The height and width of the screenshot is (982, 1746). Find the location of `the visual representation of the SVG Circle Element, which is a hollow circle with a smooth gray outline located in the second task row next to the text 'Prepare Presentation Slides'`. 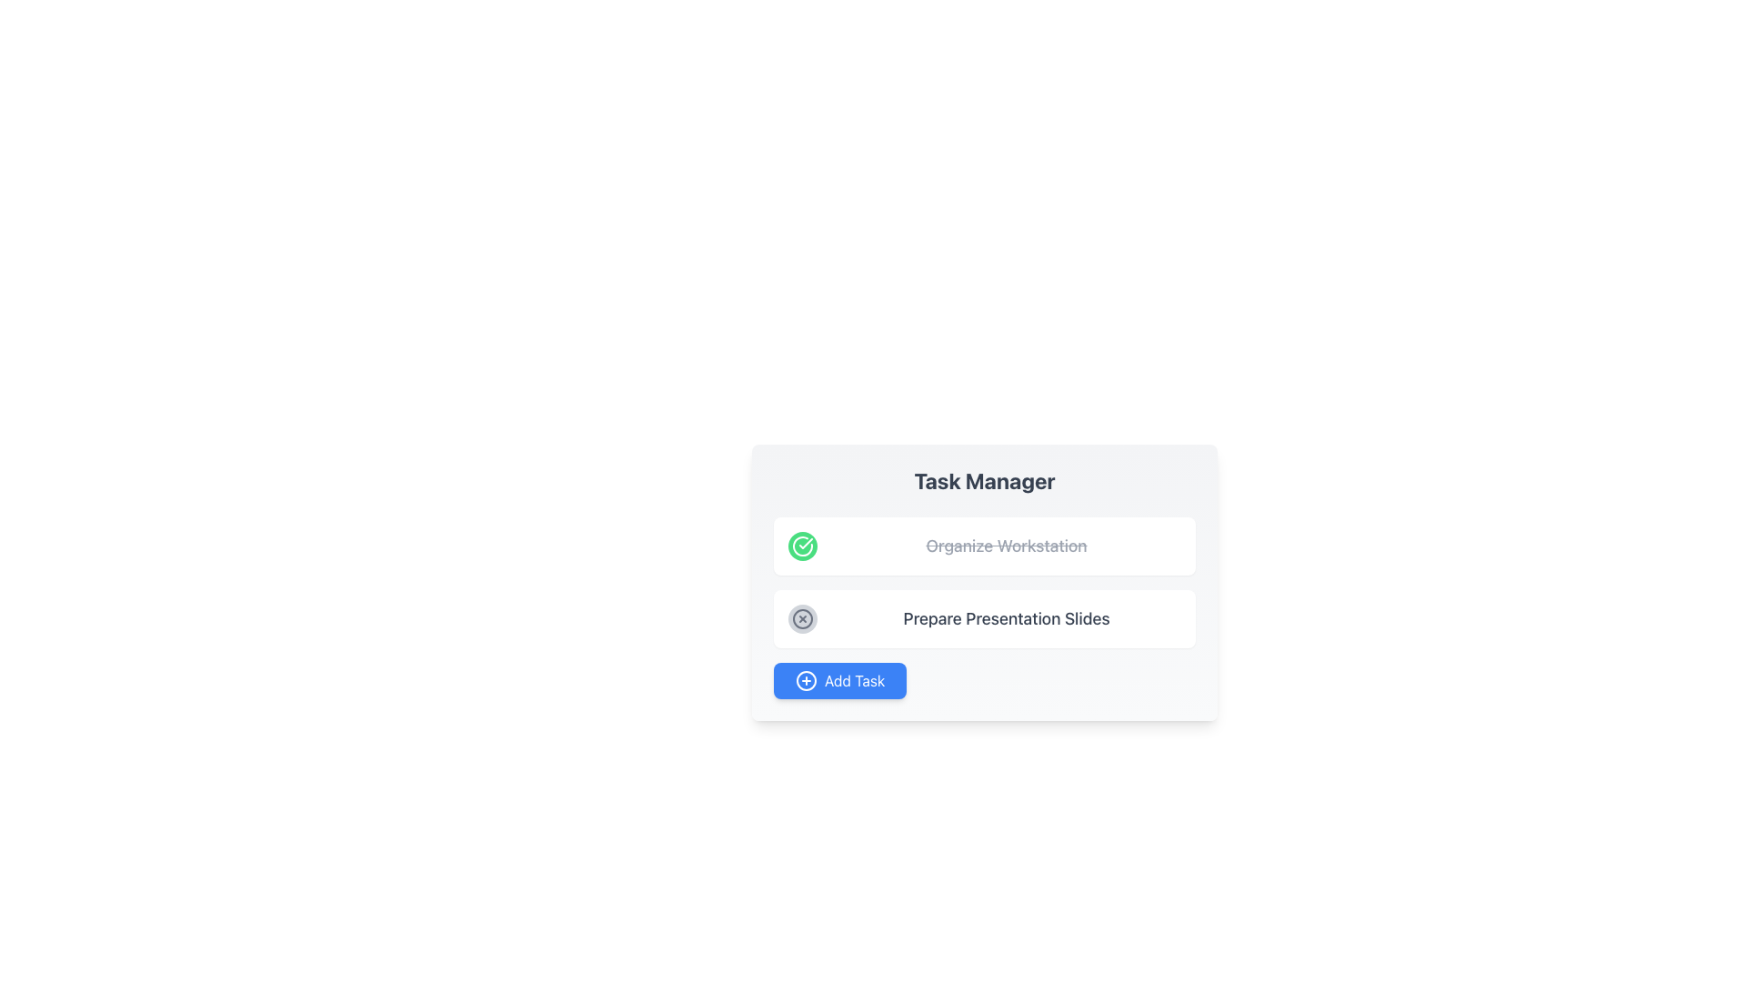

the visual representation of the SVG Circle Element, which is a hollow circle with a smooth gray outline located in the second task row next to the text 'Prepare Presentation Slides' is located at coordinates (802, 618).